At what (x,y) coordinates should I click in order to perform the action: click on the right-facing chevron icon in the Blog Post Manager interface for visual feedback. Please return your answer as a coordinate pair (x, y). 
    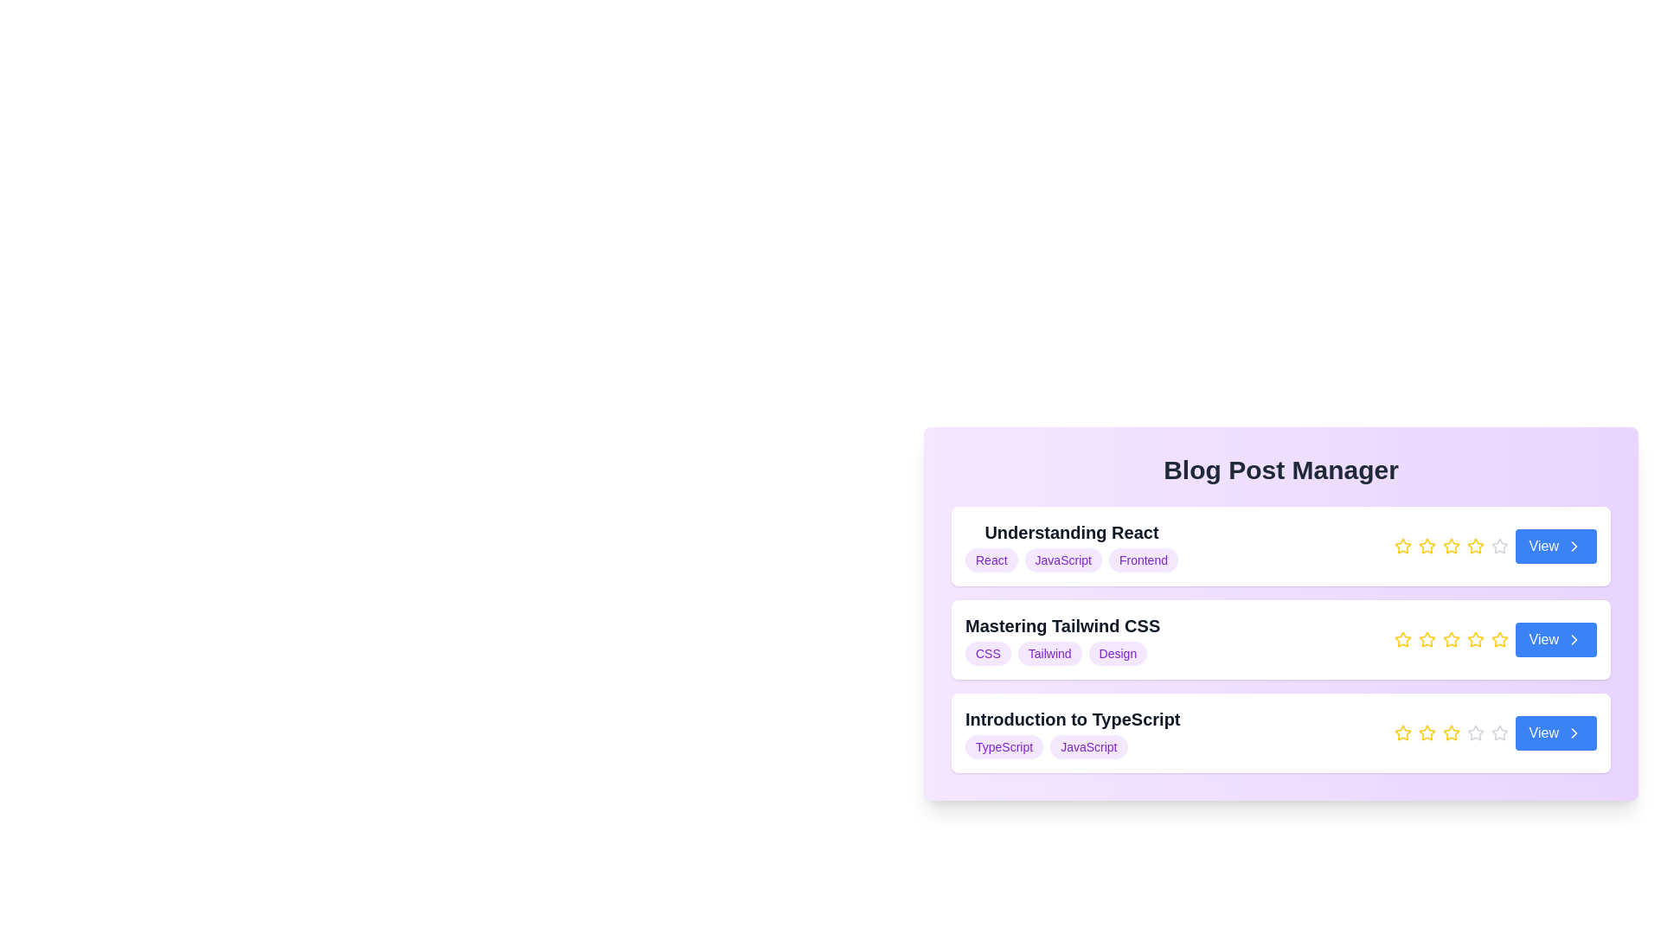
    Looking at the image, I should click on (1574, 547).